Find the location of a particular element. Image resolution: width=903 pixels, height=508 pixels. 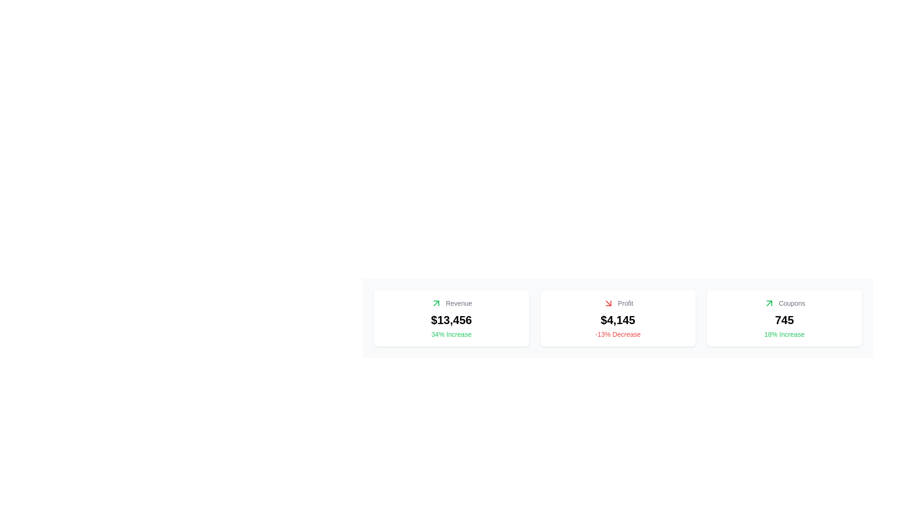

the descriptive label for the 'Coupons' metric, located at the top of the last card in a row of three cards, above the numerical value '745' and the text '18% Increase' is located at coordinates (784, 303).